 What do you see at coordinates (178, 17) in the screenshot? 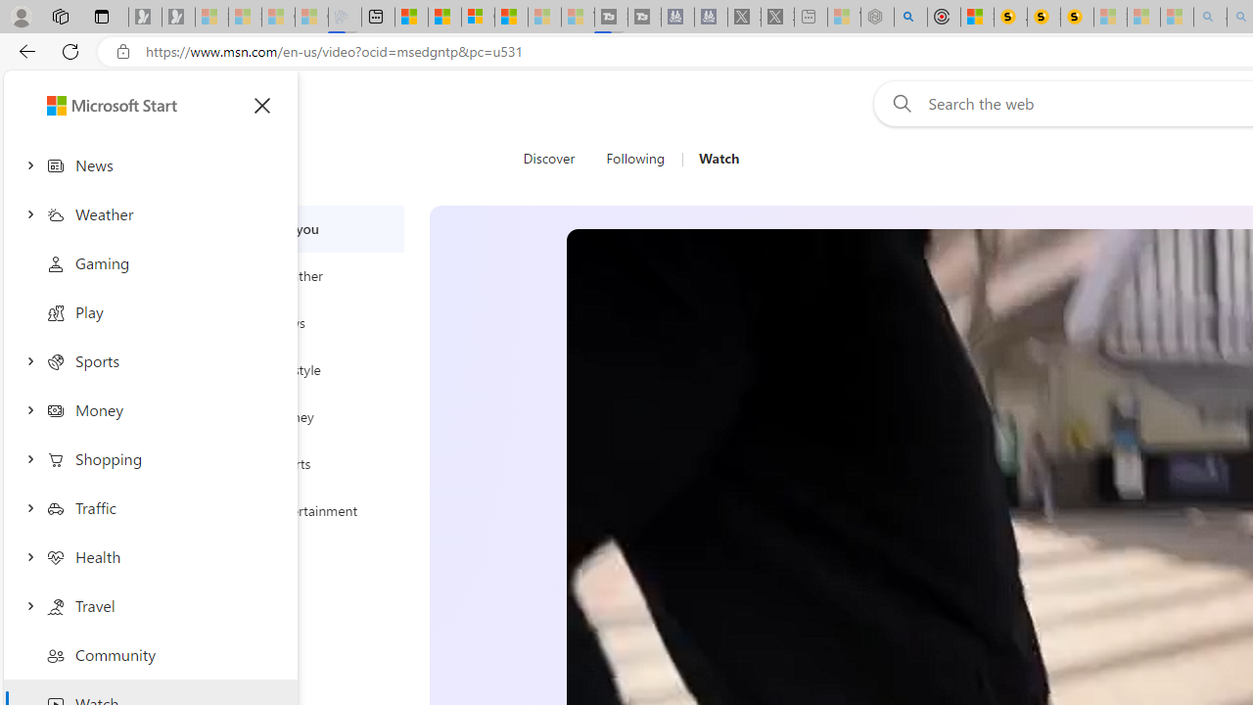
I see `'Newsletter Sign Up - Sleeping'` at bounding box center [178, 17].